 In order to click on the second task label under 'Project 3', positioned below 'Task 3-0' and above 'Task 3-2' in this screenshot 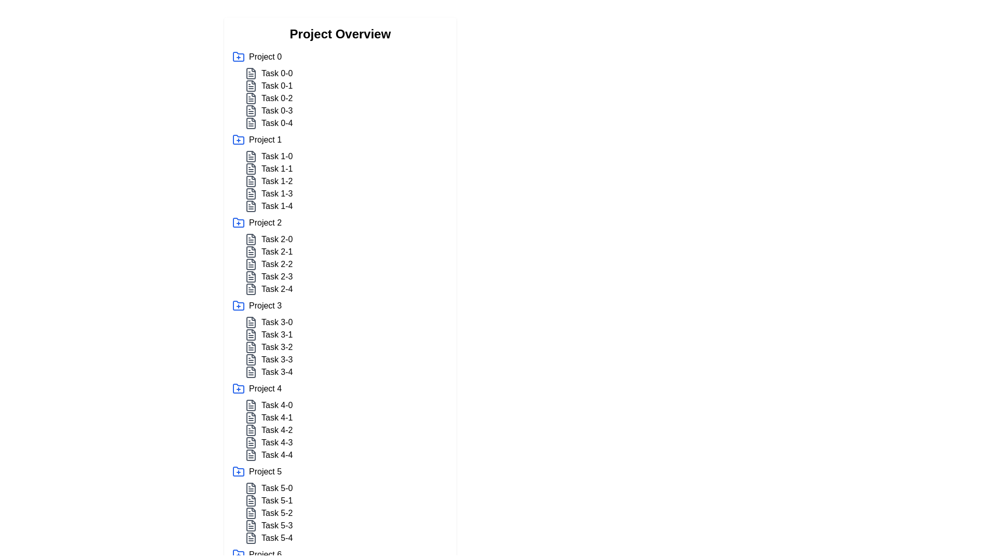, I will do `click(277, 334)`.